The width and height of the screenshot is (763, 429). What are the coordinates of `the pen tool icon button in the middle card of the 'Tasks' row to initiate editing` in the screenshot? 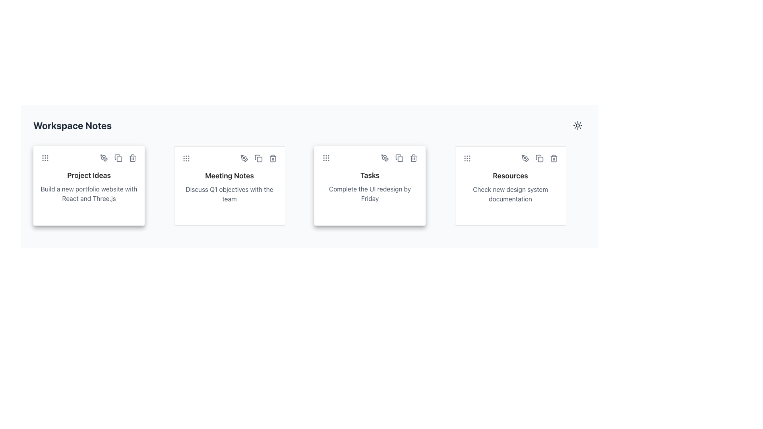 It's located at (385, 158).